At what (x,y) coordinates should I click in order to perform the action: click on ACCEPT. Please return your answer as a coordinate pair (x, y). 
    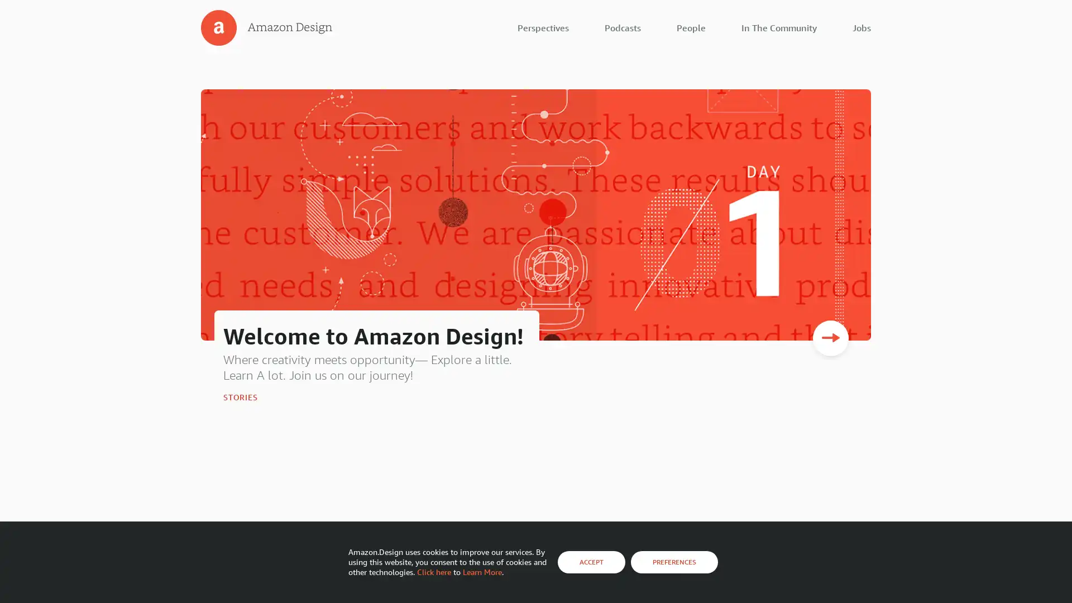
    Looking at the image, I should click on (591, 562).